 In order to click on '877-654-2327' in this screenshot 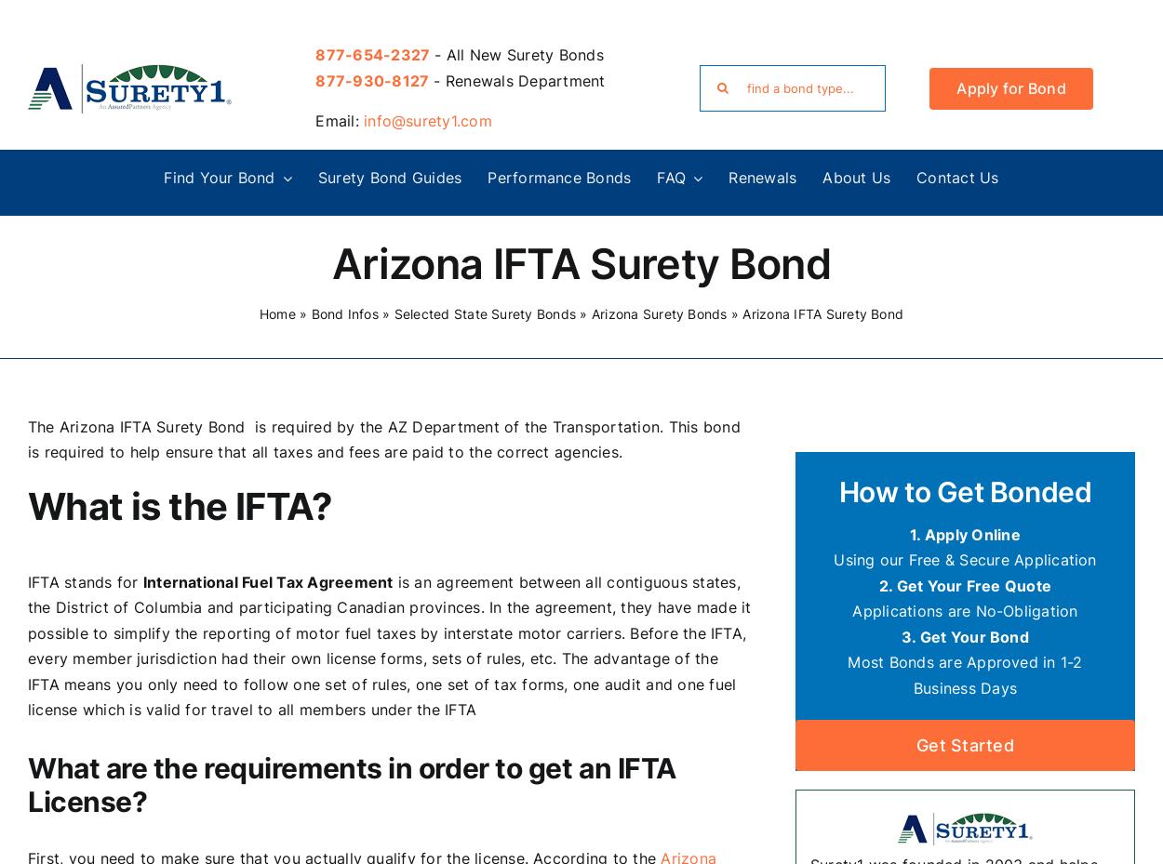, I will do `click(372, 53)`.